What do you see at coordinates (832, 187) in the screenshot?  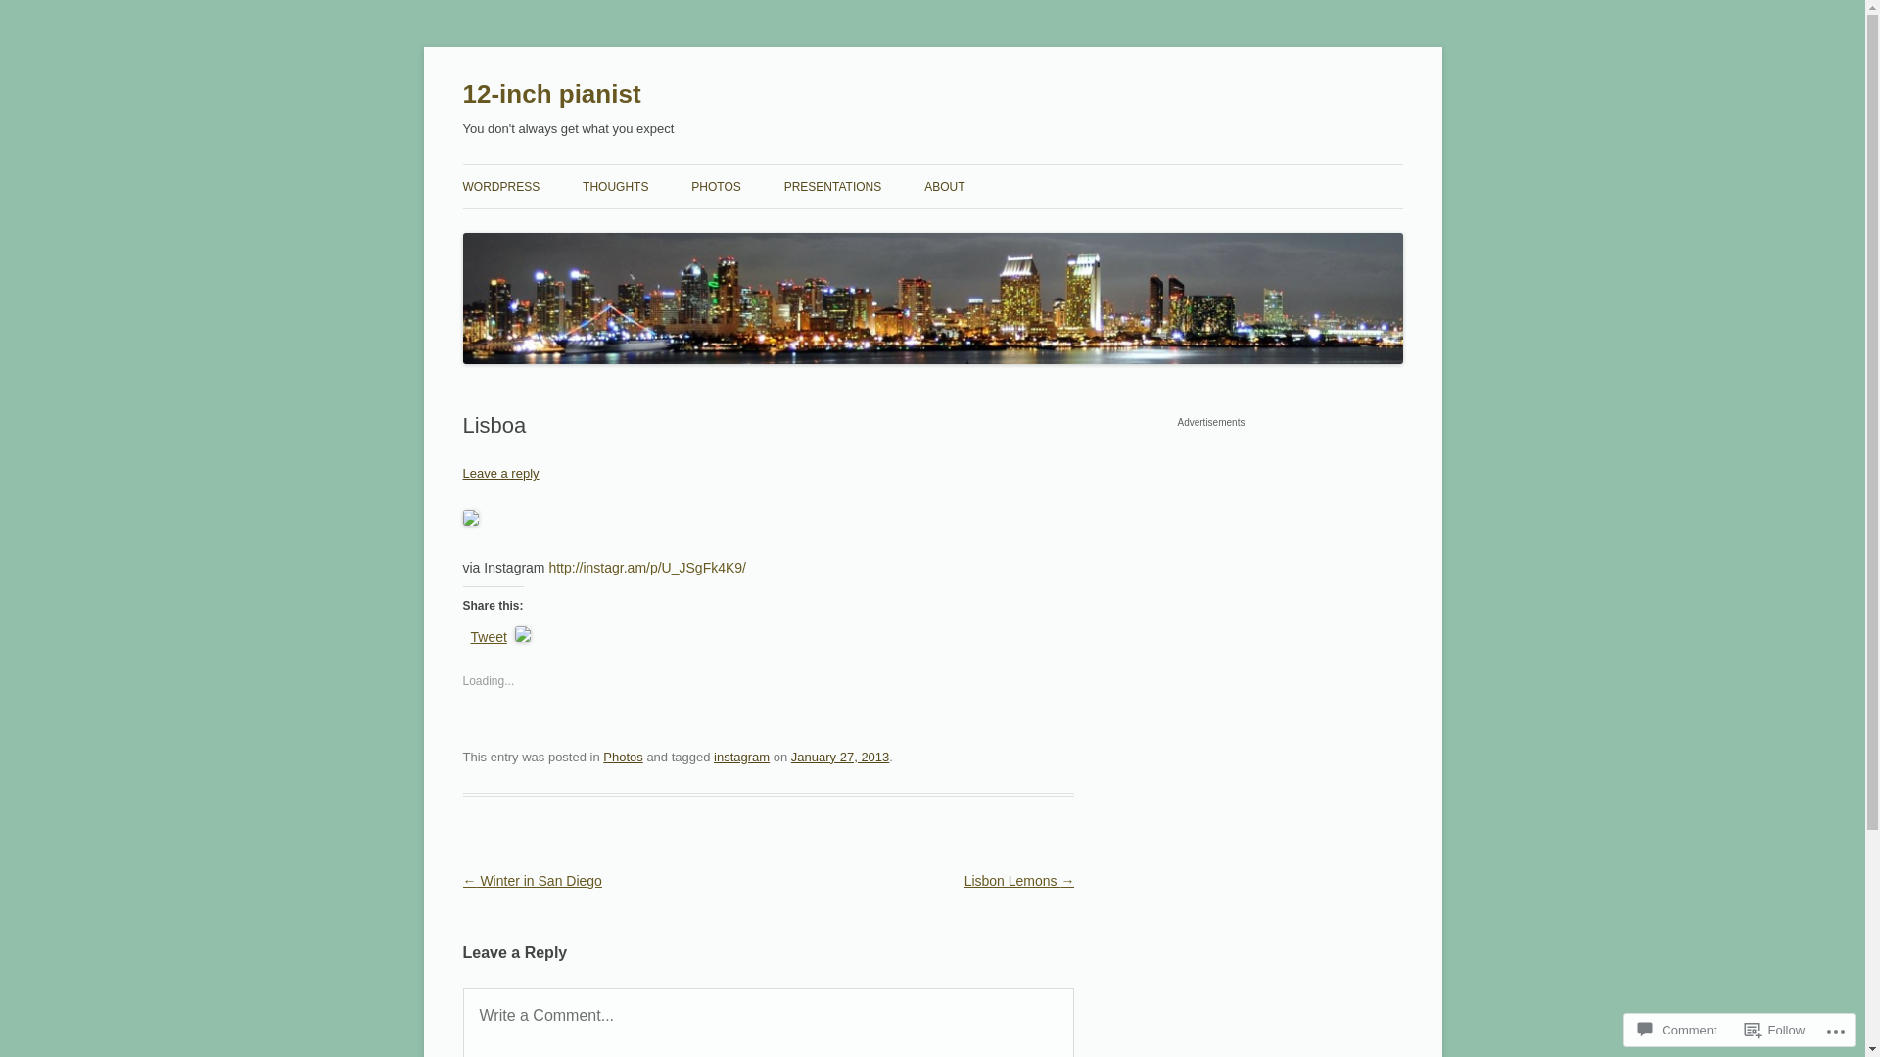 I see `'PRESENTATIONS'` at bounding box center [832, 187].